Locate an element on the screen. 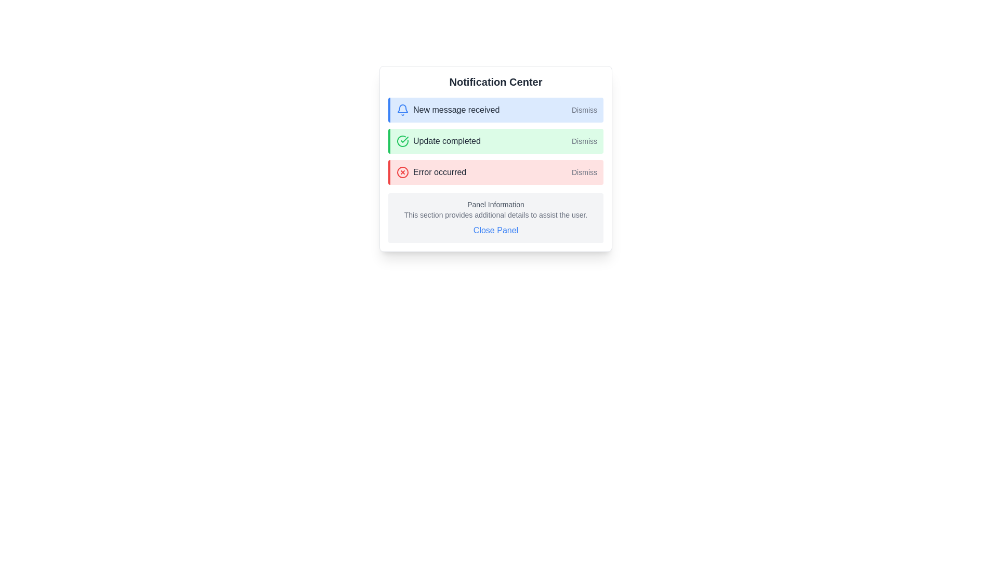 Image resolution: width=998 pixels, height=561 pixels. the notification message text label with an icon located in the middle of the Notification Center, indicating the completion of an update is located at coordinates (438, 141).